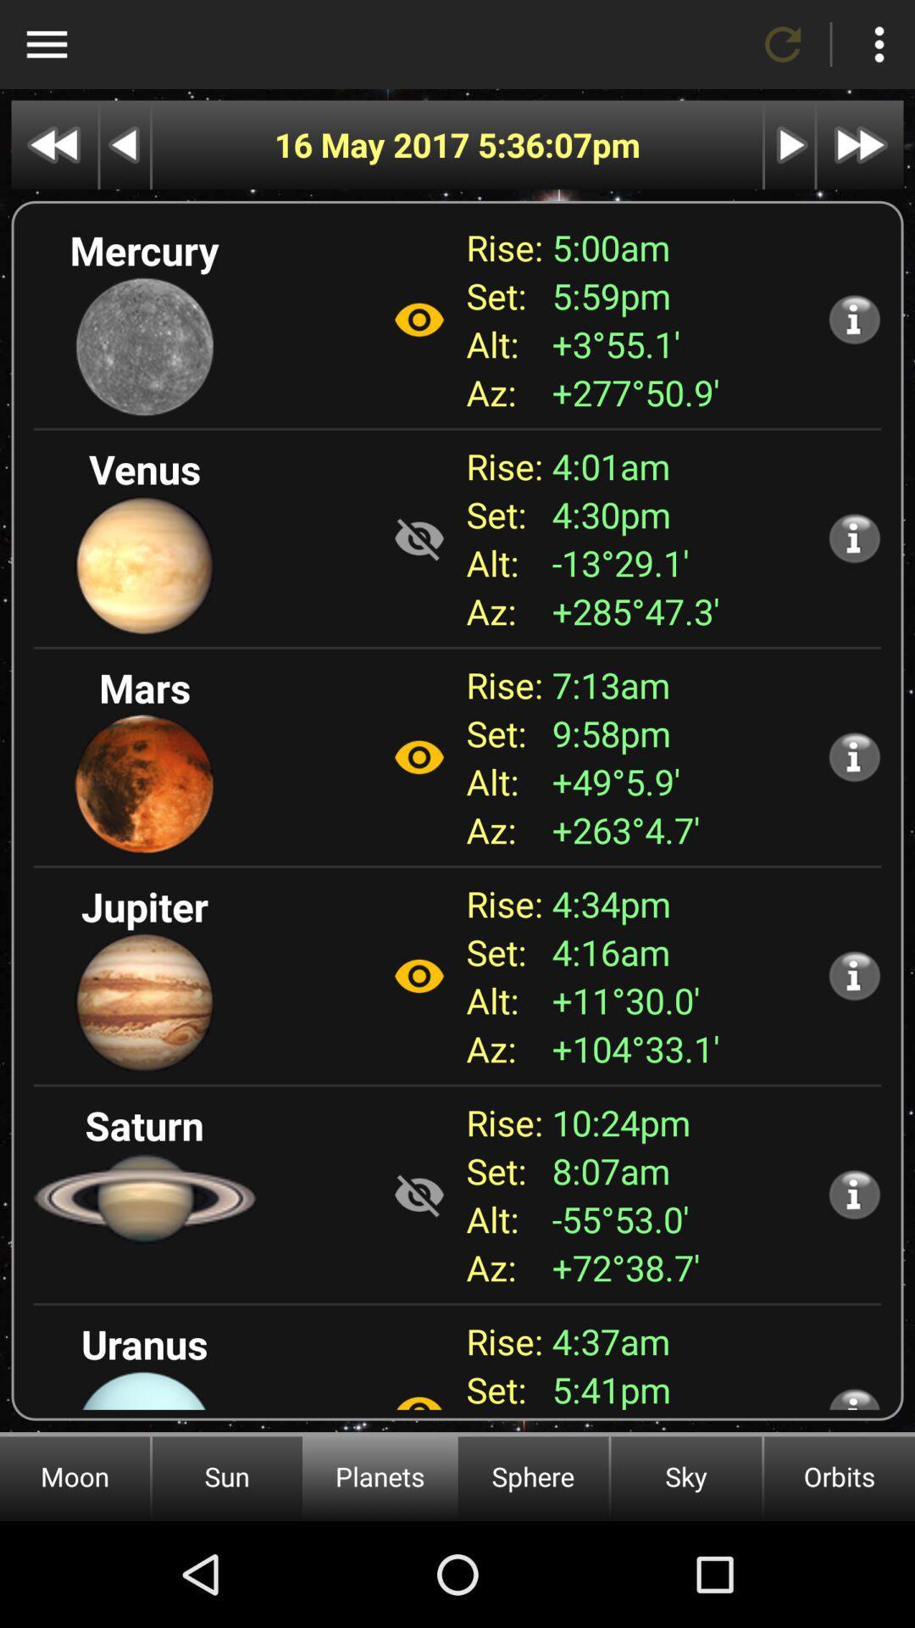 The image size is (915, 1628). What do you see at coordinates (124, 145) in the screenshot?
I see `go back` at bounding box center [124, 145].